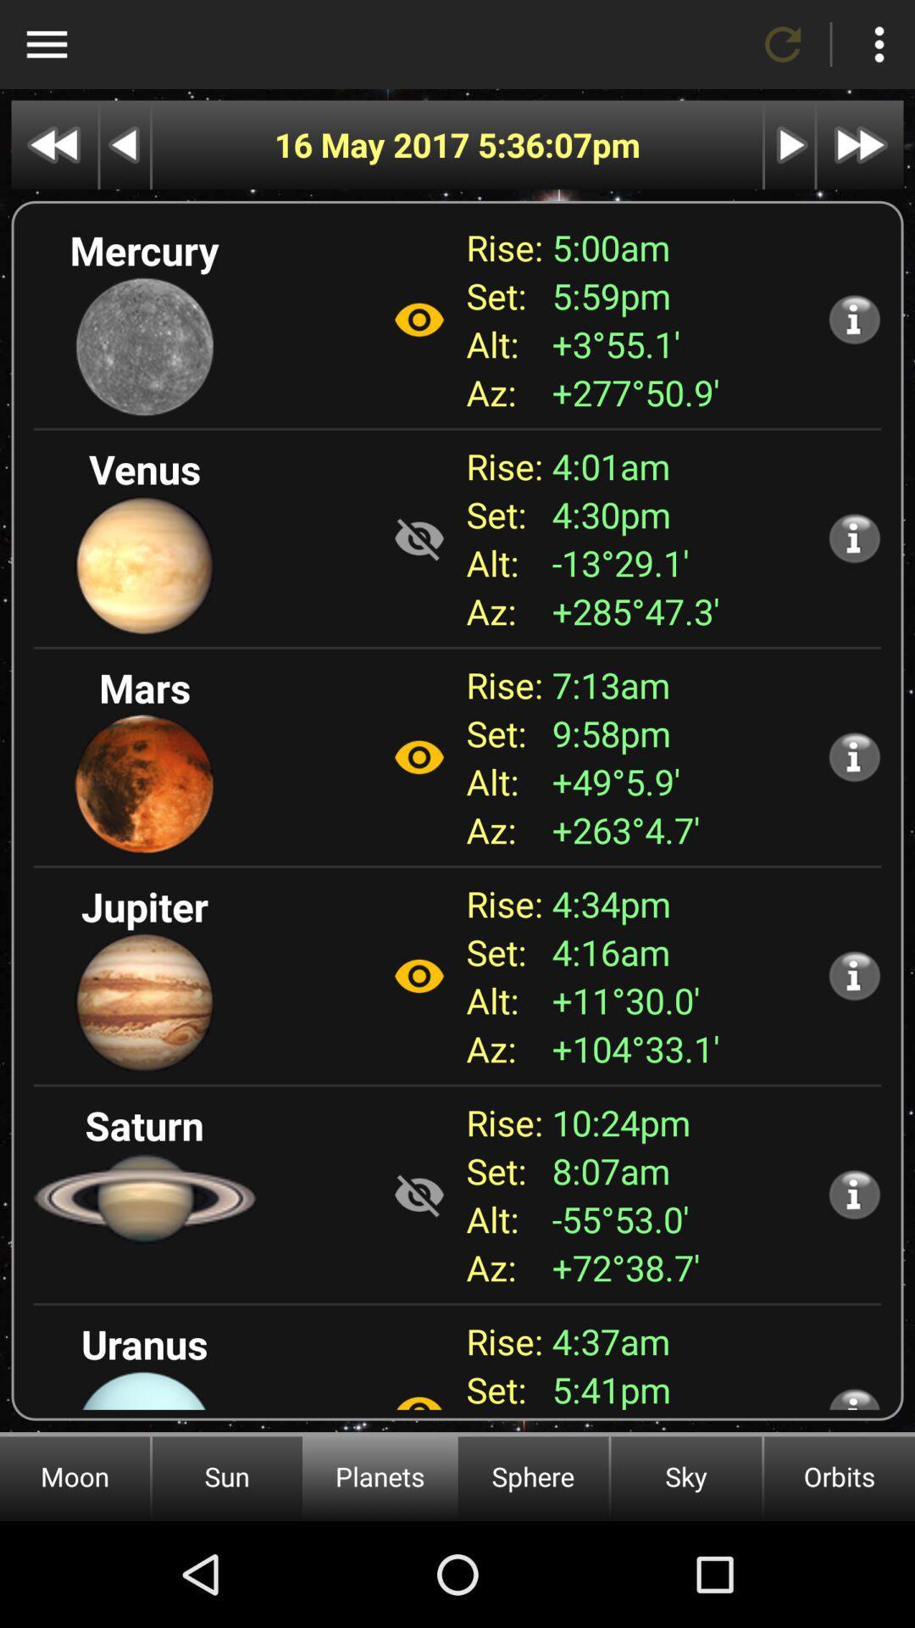 The image size is (915, 1628). What do you see at coordinates (124, 145) in the screenshot?
I see `go back` at bounding box center [124, 145].